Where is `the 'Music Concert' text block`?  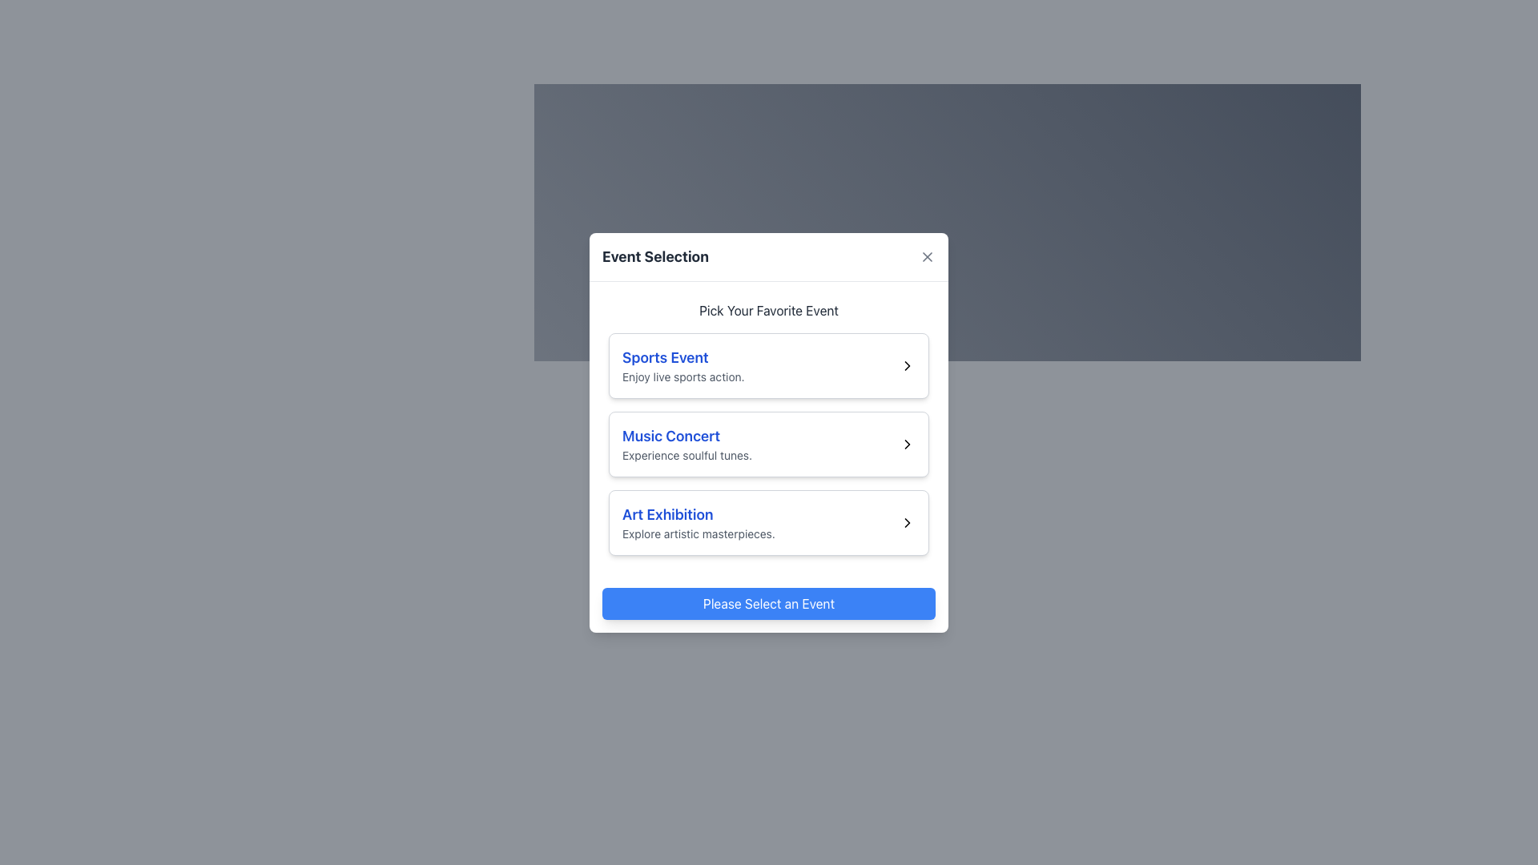
the 'Music Concert' text block is located at coordinates (687, 444).